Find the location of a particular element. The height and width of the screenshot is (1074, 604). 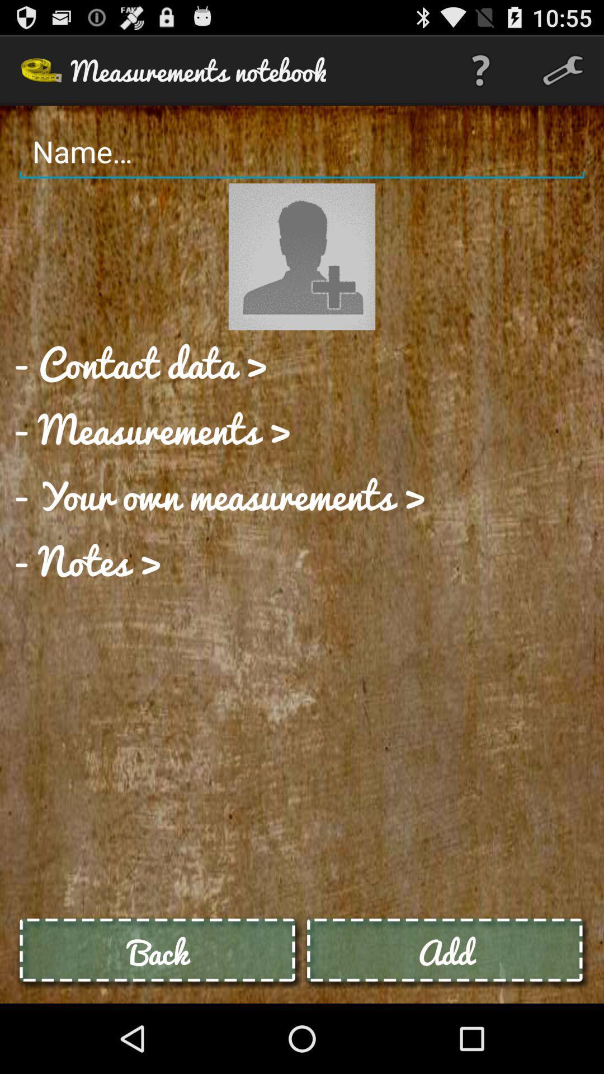

change avatar image is located at coordinates (302, 256).